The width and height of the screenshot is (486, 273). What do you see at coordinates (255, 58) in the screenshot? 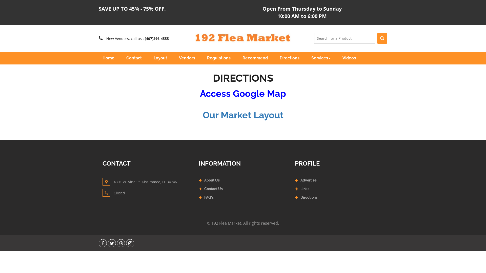
I see `'Recommend'` at bounding box center [255, 58].